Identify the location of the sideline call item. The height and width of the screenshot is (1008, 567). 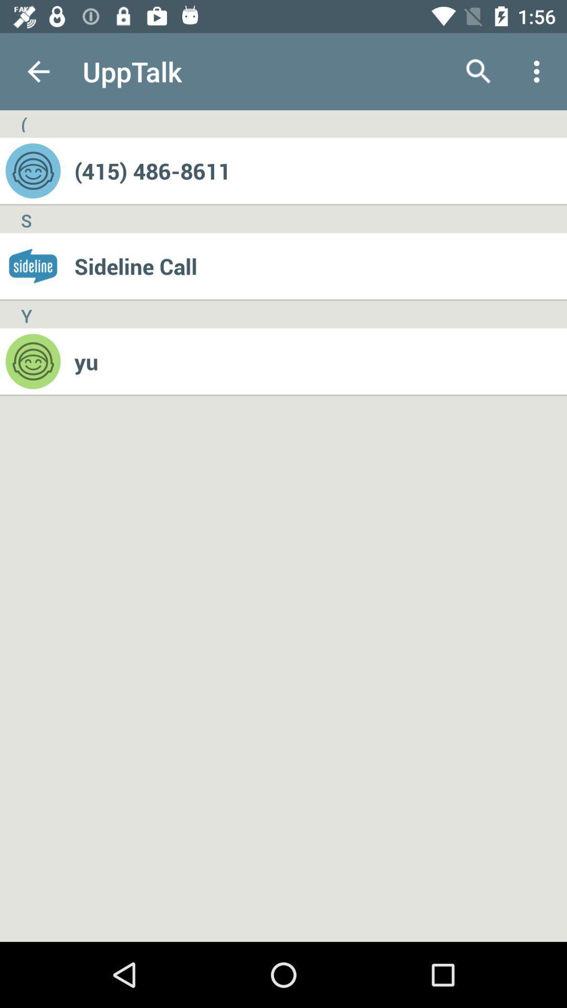
(320, 266).